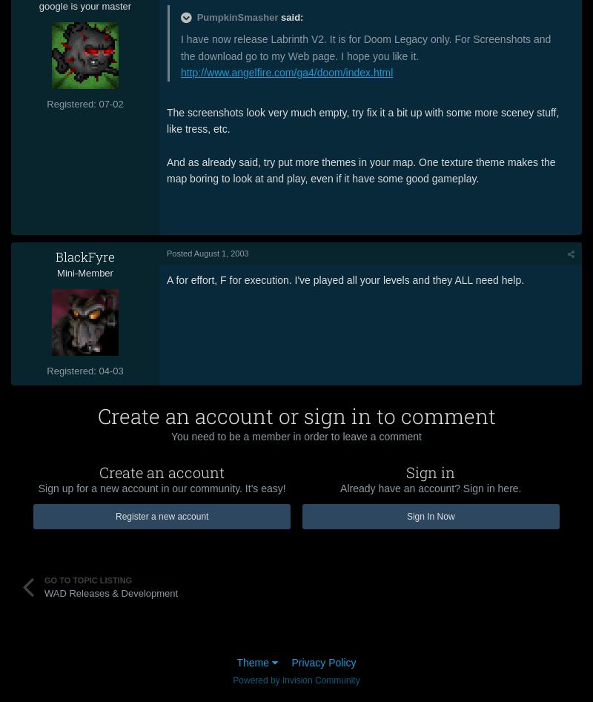 The image size is (593, 702). Describe the element at coordinates (162, 487) in the screenshot. I see `'Sign up for a new account in our community. It's easy!'` at that location.